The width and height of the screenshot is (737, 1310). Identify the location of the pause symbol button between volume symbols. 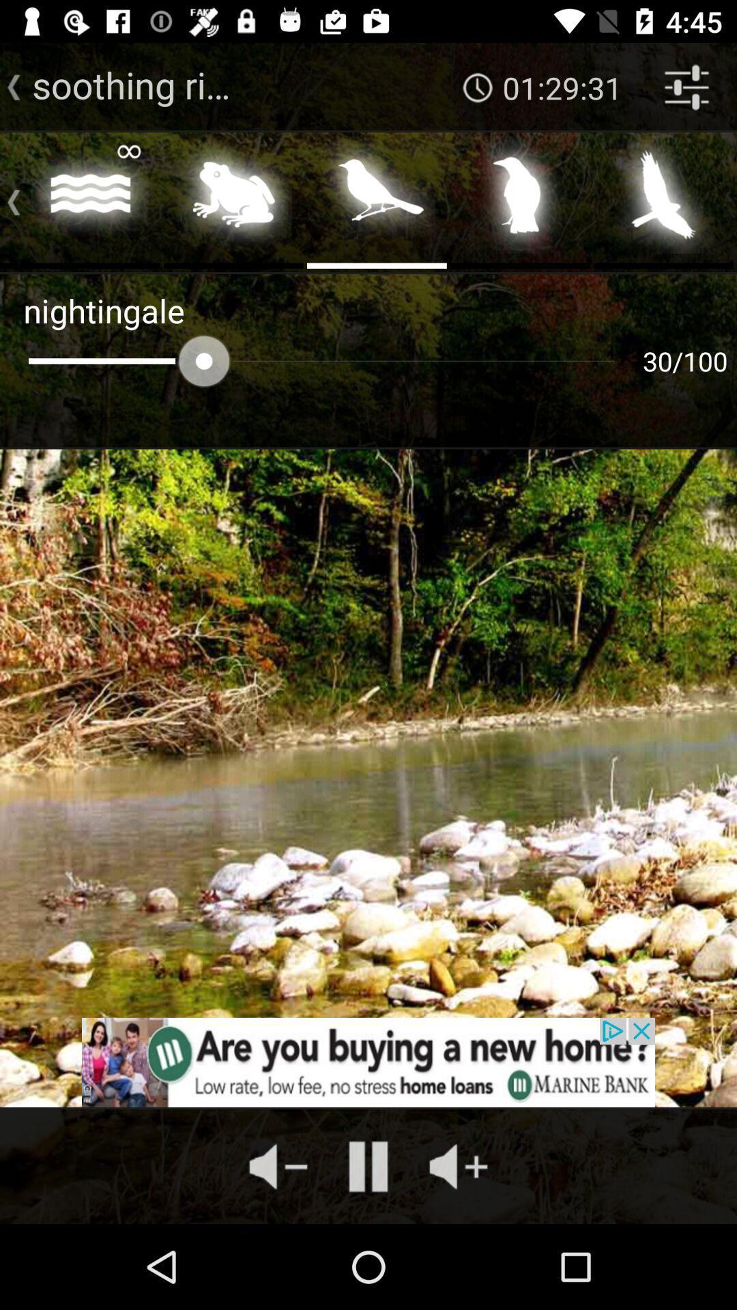
(369, 1166).